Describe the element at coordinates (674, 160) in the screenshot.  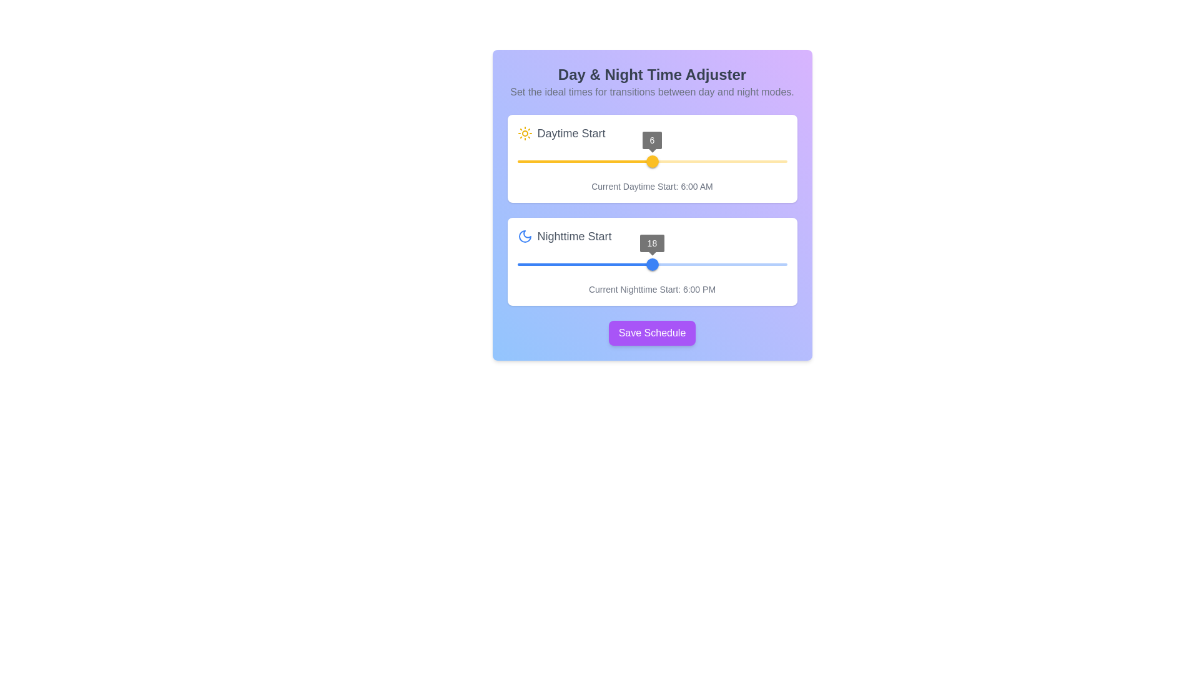
I see `the daytime start` at that location.